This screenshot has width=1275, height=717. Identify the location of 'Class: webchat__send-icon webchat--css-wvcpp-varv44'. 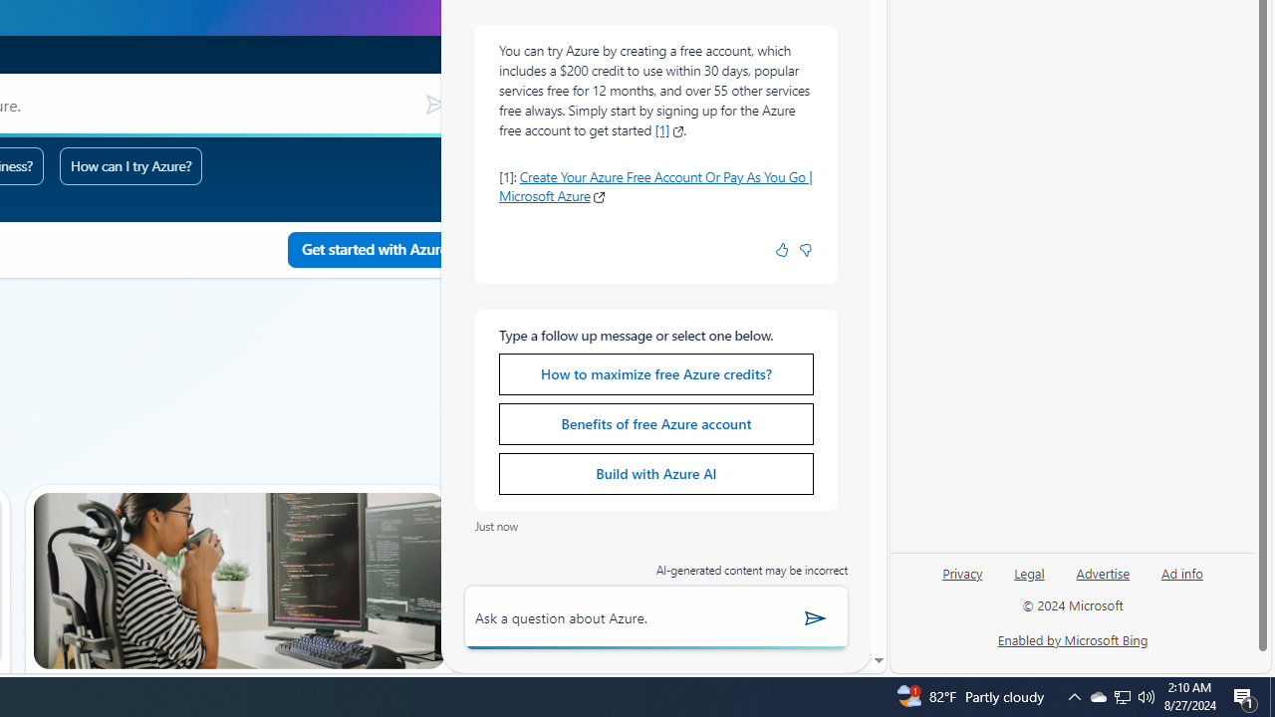
(816, 616).